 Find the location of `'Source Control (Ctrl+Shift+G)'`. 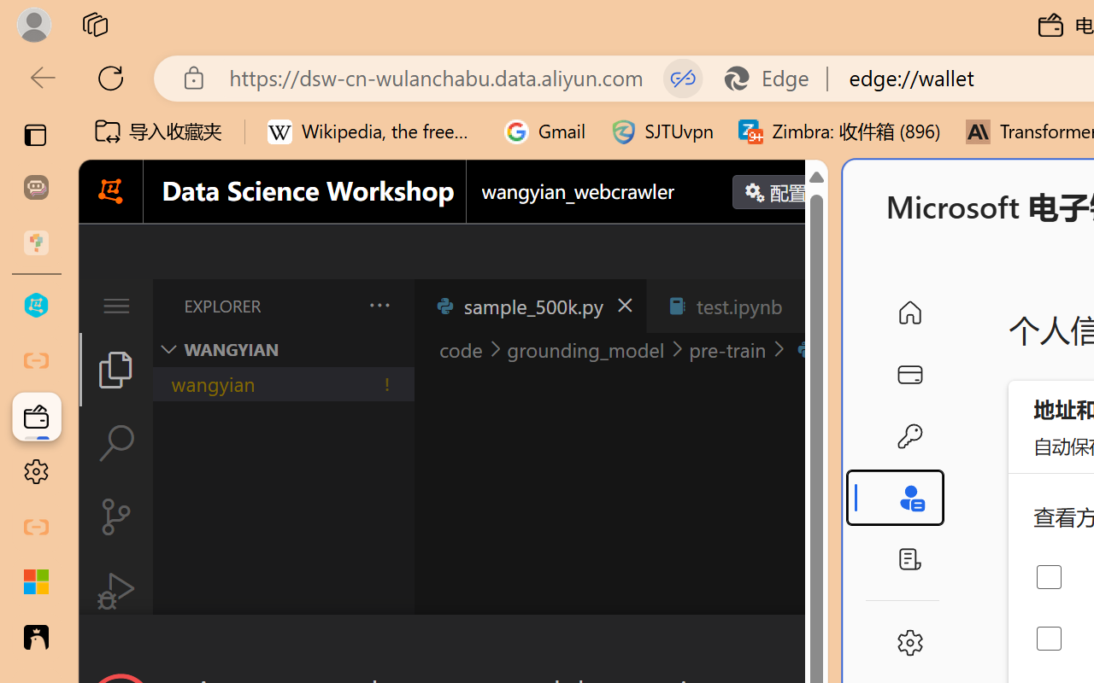

'Source Control (Ctrl+Shift+G)' is located at coordinates (115, 517).